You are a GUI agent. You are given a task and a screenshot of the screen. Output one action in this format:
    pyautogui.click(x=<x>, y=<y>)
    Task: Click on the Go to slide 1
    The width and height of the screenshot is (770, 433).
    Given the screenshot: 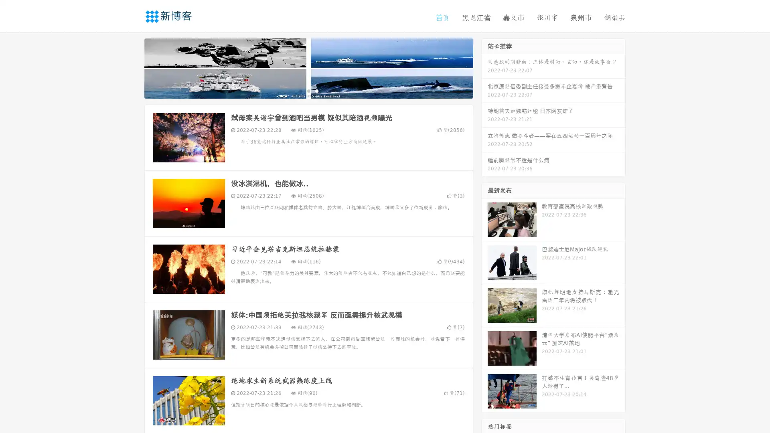 What is the action you would take?
    pyautogui.click(x=300, y=90)
    